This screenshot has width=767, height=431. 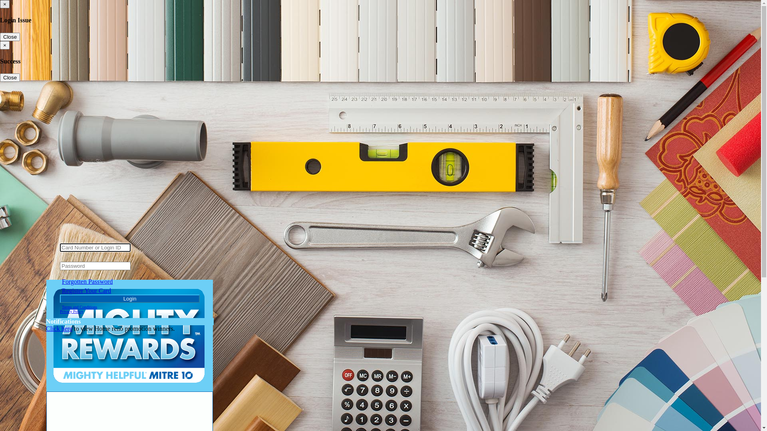 I want to click on 'Close', so click(x=10, y=77).